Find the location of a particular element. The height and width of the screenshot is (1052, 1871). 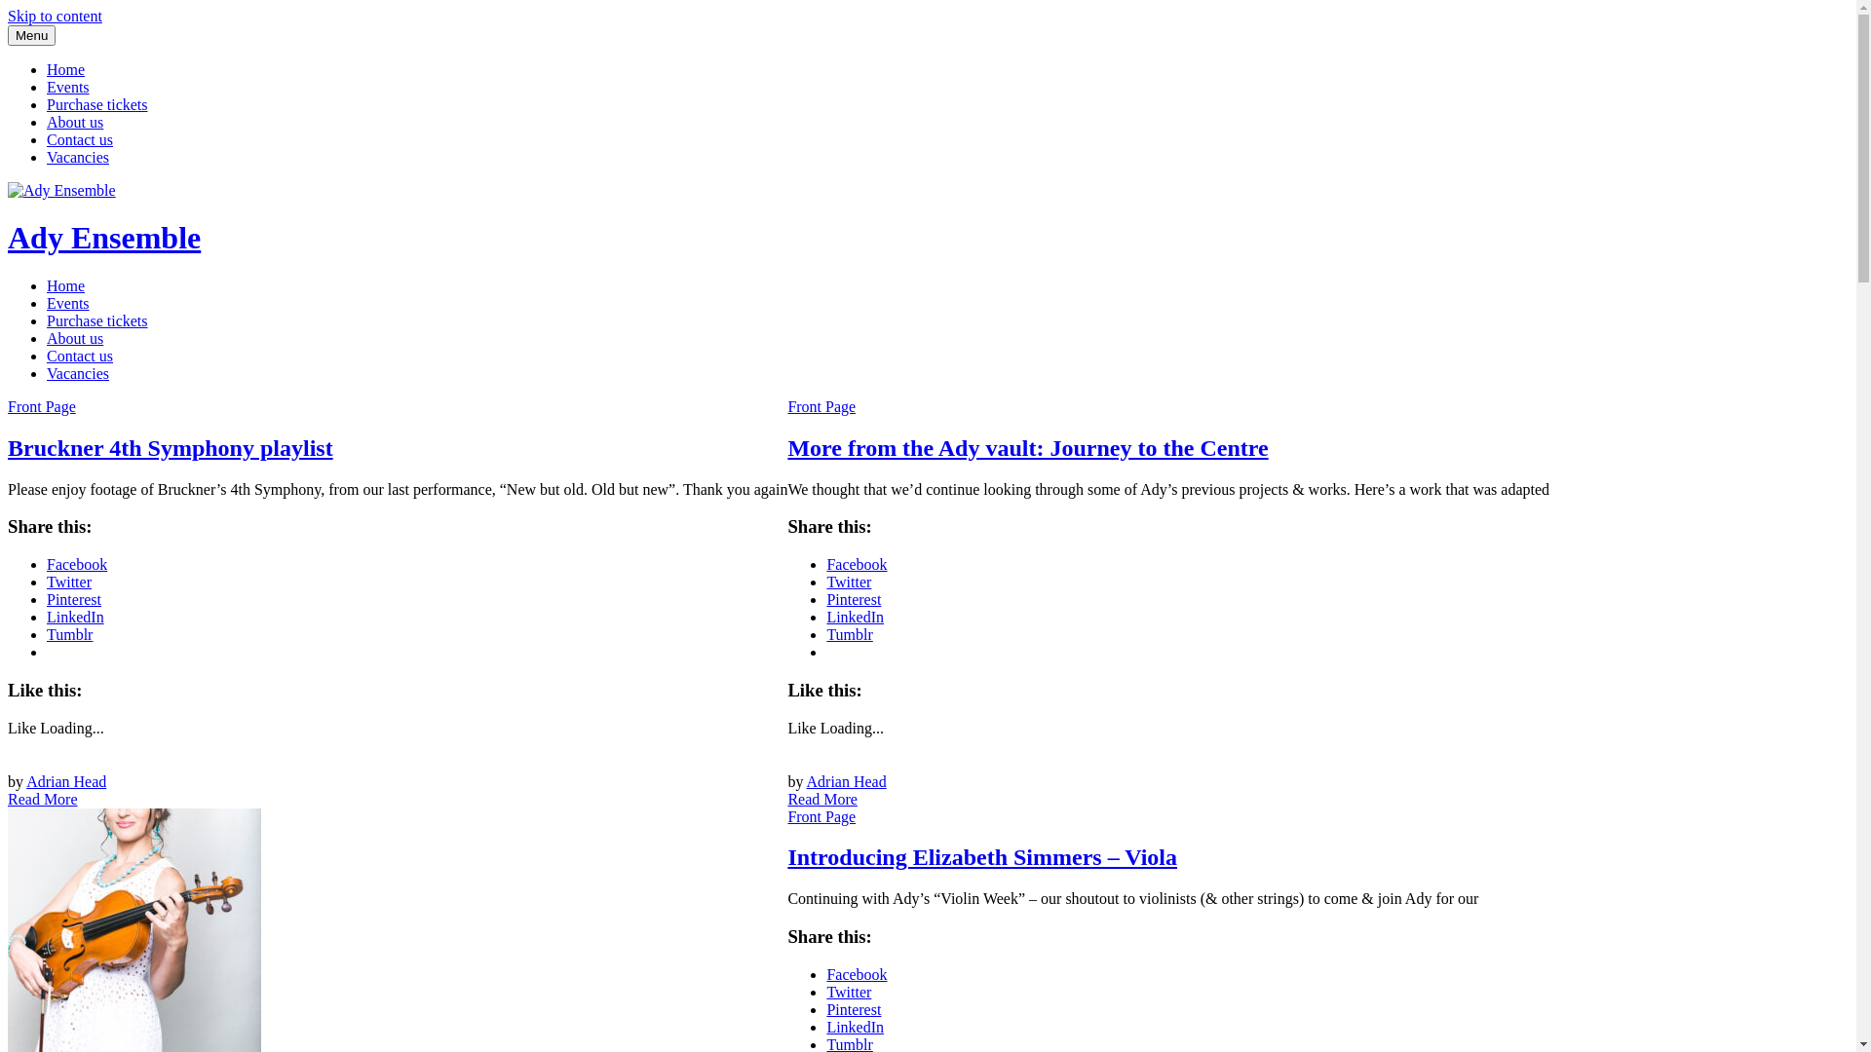

'Home' is located at coordinates (65, 285).